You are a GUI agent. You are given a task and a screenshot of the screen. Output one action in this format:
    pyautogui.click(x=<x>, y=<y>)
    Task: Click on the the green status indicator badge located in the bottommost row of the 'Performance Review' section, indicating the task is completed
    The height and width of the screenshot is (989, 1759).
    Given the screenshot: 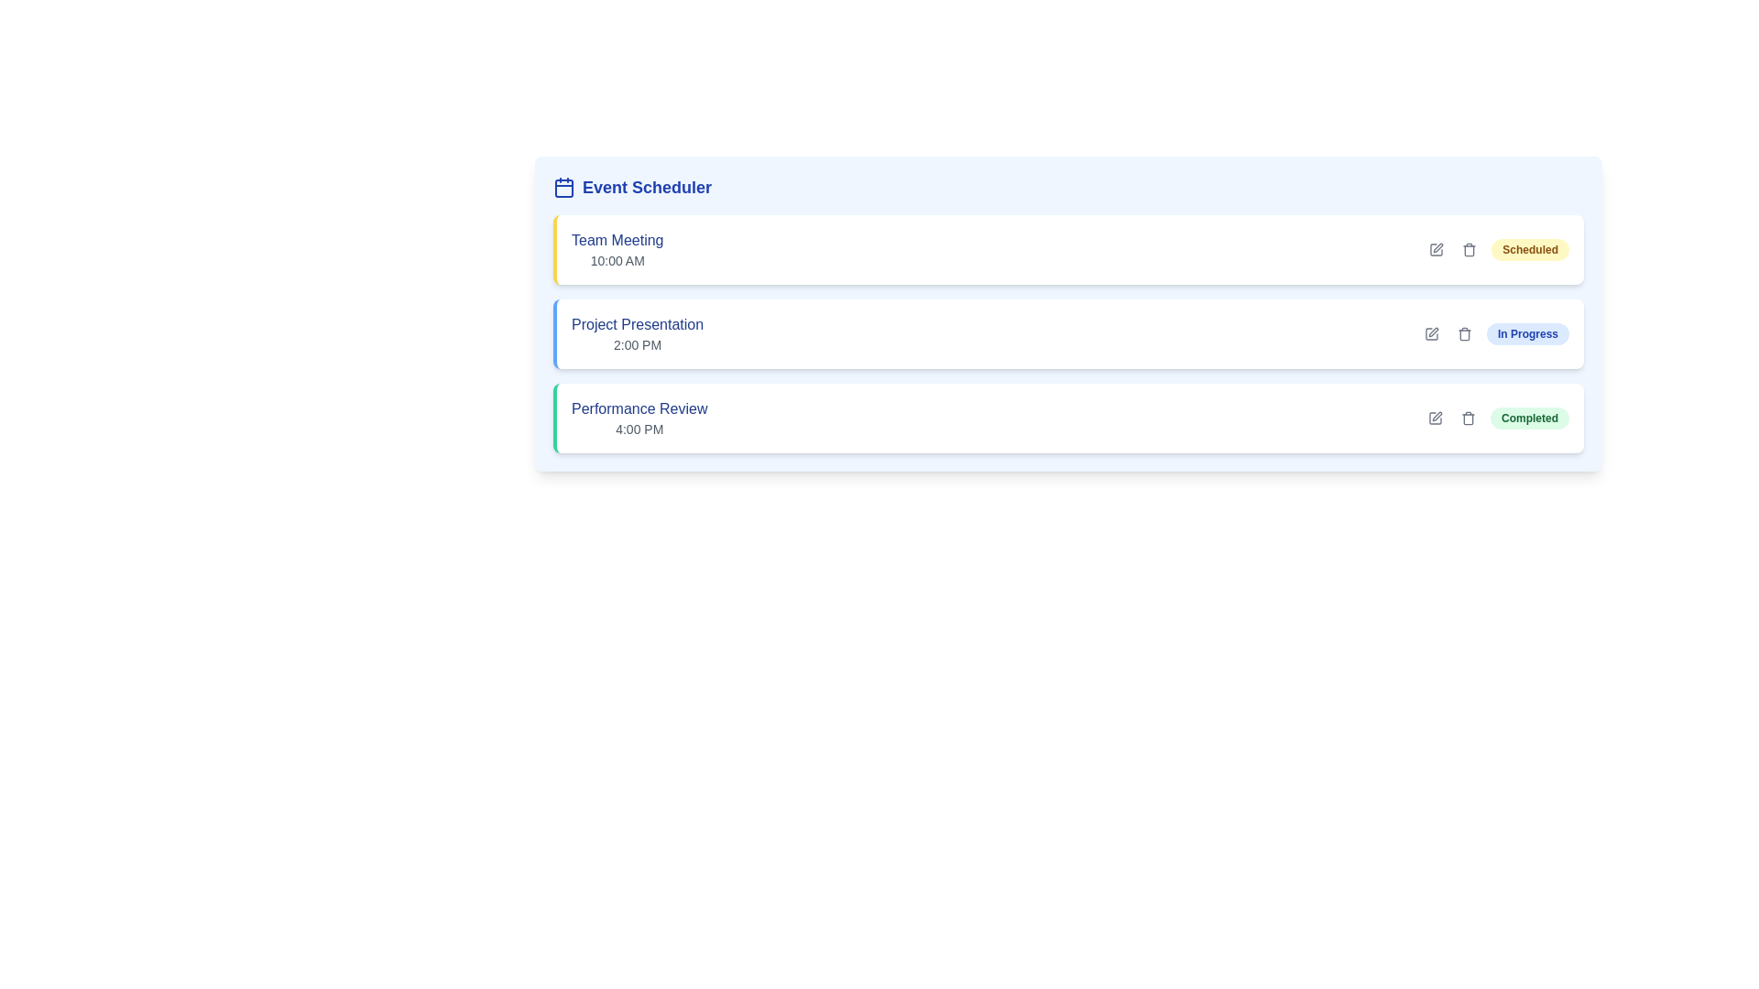 What is the action you would take?
    pyautogui.click(x=1496, y=418)
    